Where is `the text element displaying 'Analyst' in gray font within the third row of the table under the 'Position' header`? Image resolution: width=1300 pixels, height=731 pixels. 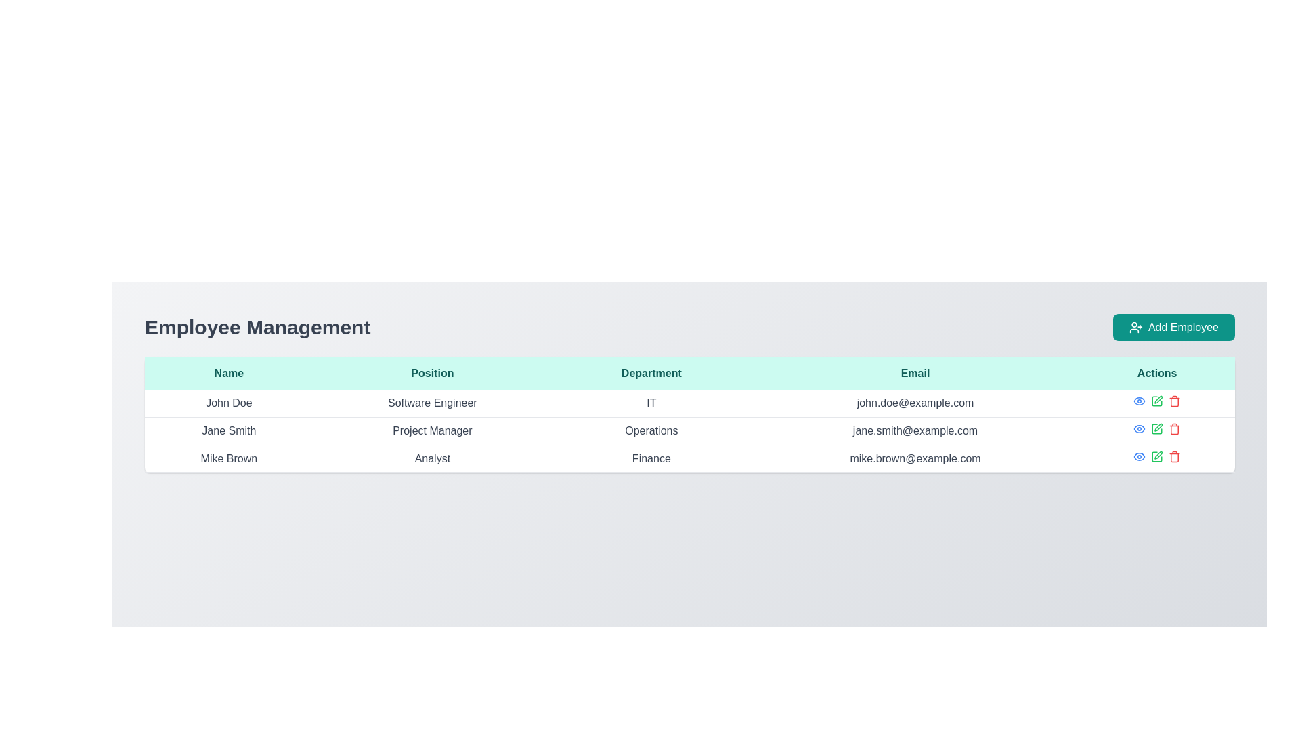 the text element displaying 'Analyst' in gray font within the third row of the table under the 'Position' header is located at coordinates (431, 458).